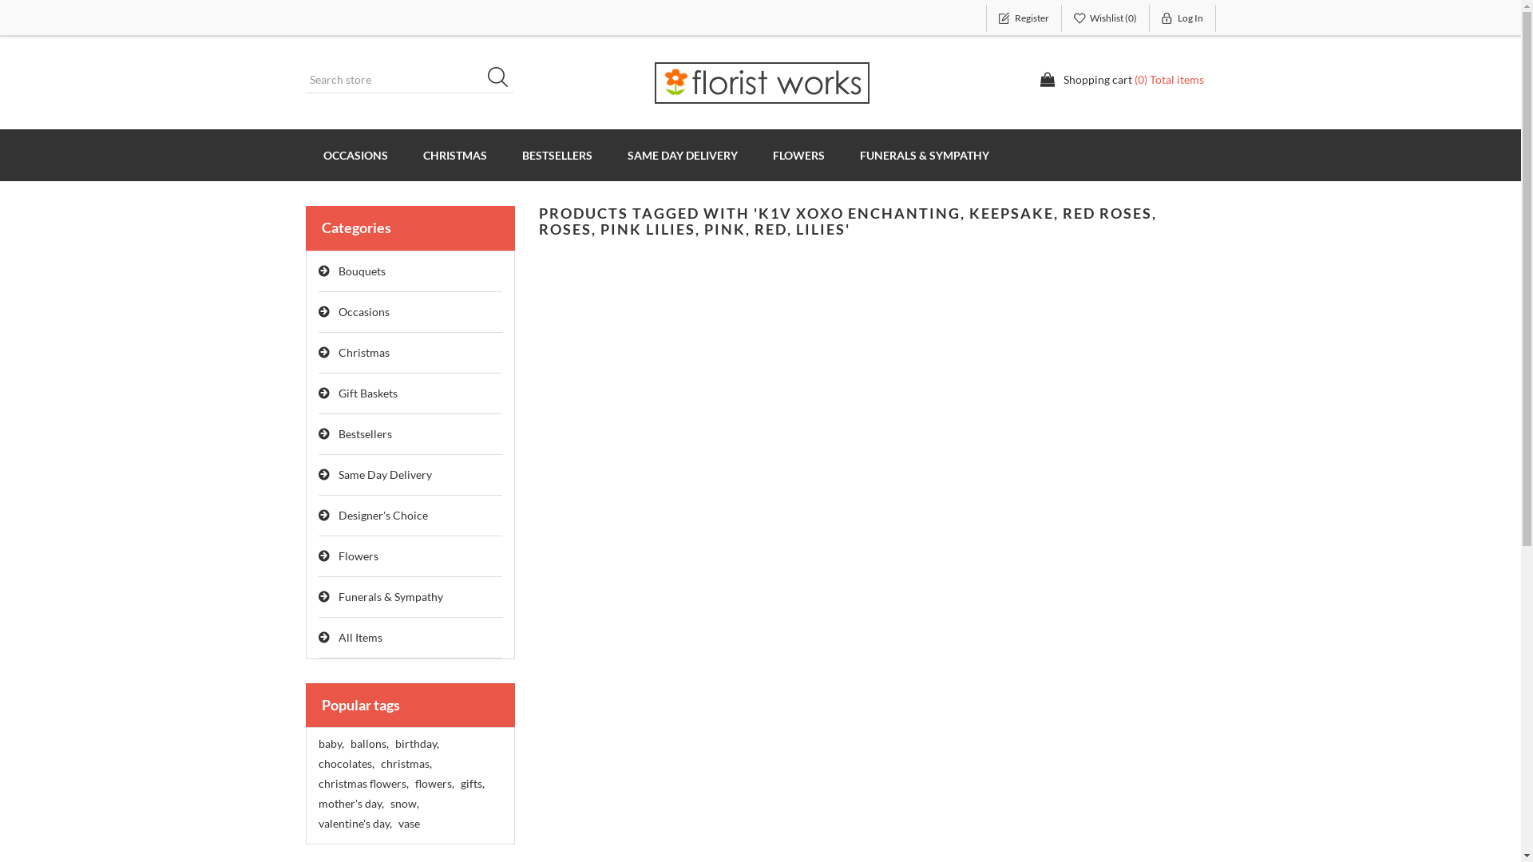 The width and height of the screenshot is (1533, 862). Describe the element at coordinates (354, 824) in the screenshot. I see `'valentine's day,'` at that location.